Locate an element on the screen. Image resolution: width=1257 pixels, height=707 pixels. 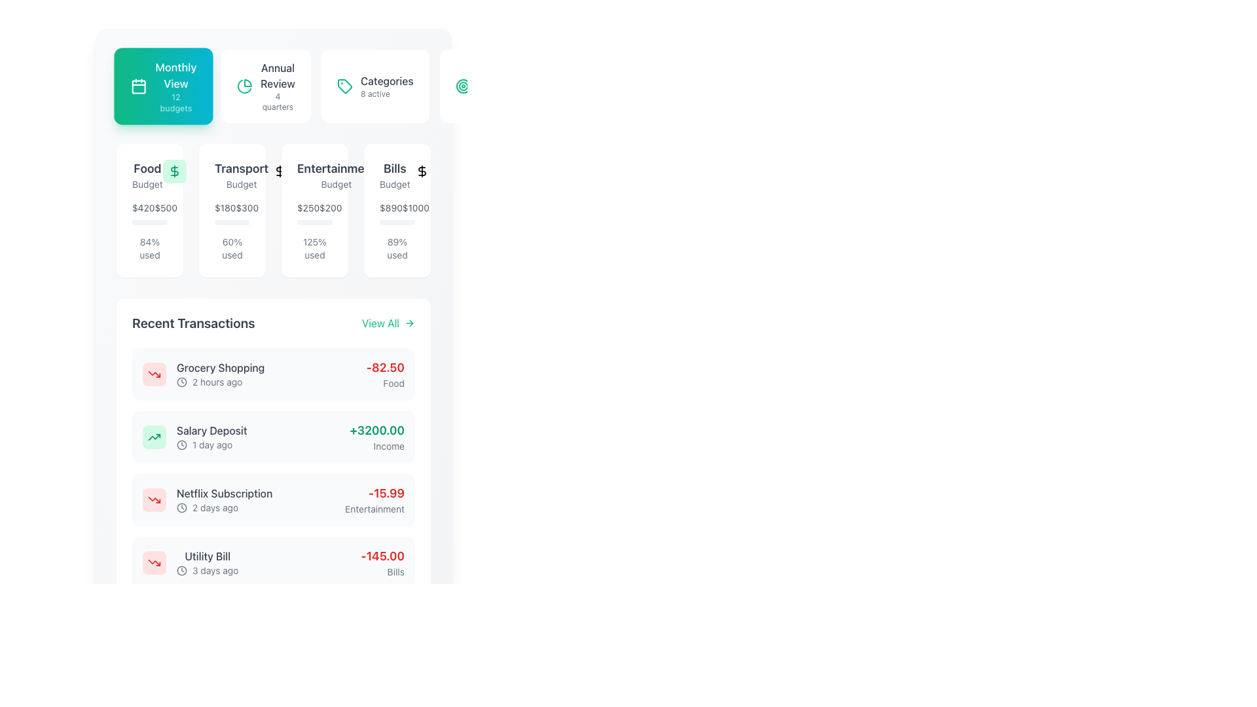
the small rectangular icon with a rounded border, featuring a pale red background and a red trending-down arrow symbol, located in the last row of 'Recent Transactions', to the left of 'Utility Bill' is located at coordinates (154, 562).